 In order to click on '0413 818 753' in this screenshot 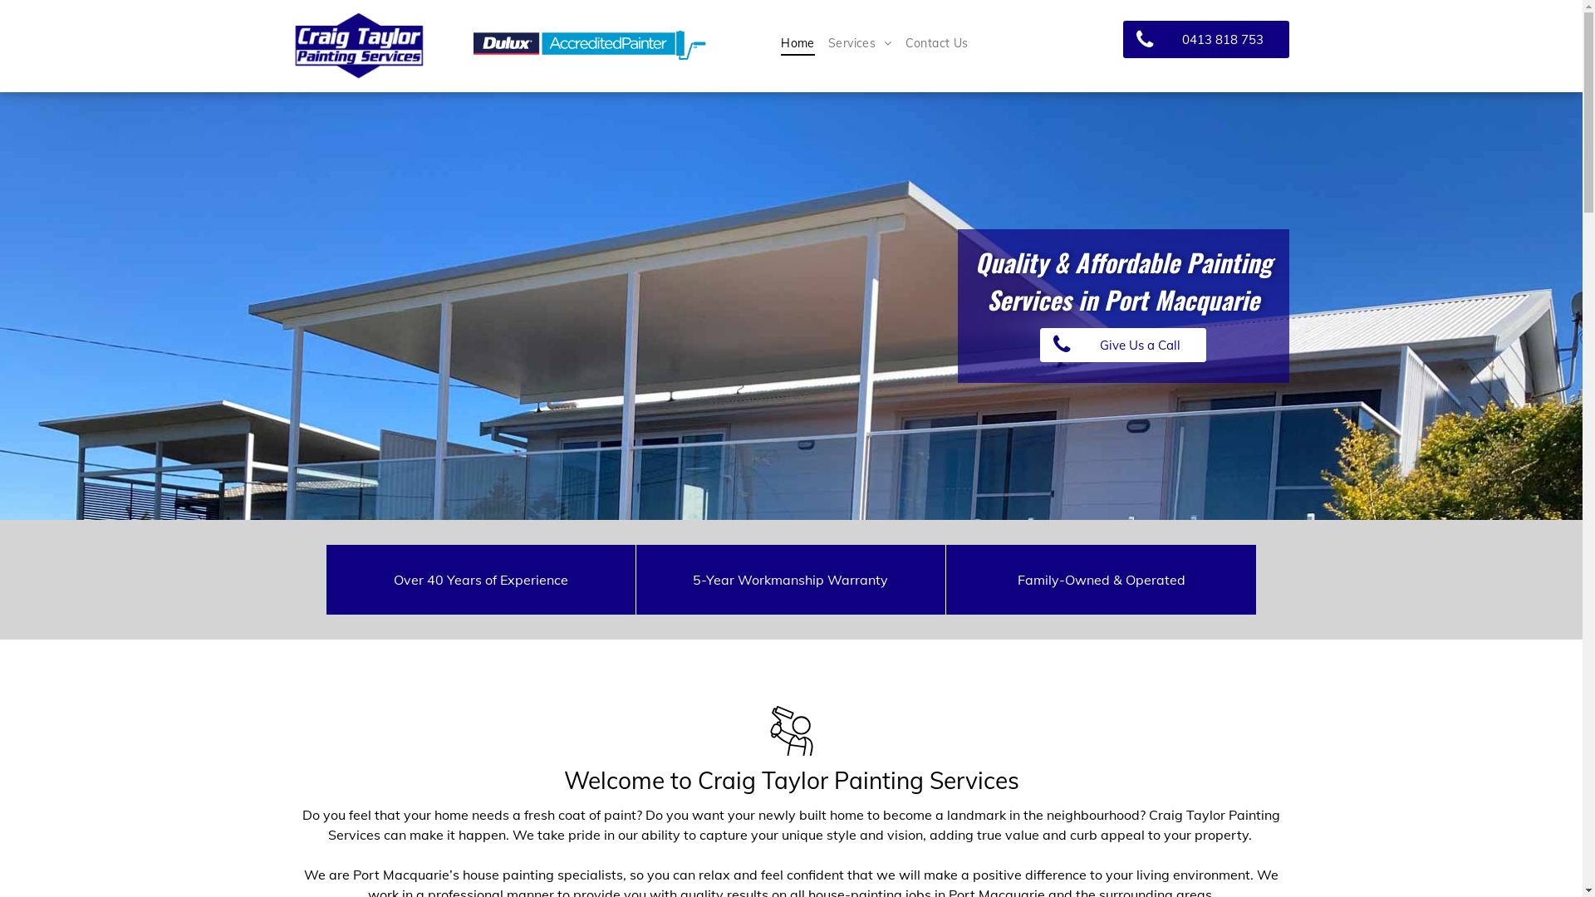, I will do `click(1206, 38)`.